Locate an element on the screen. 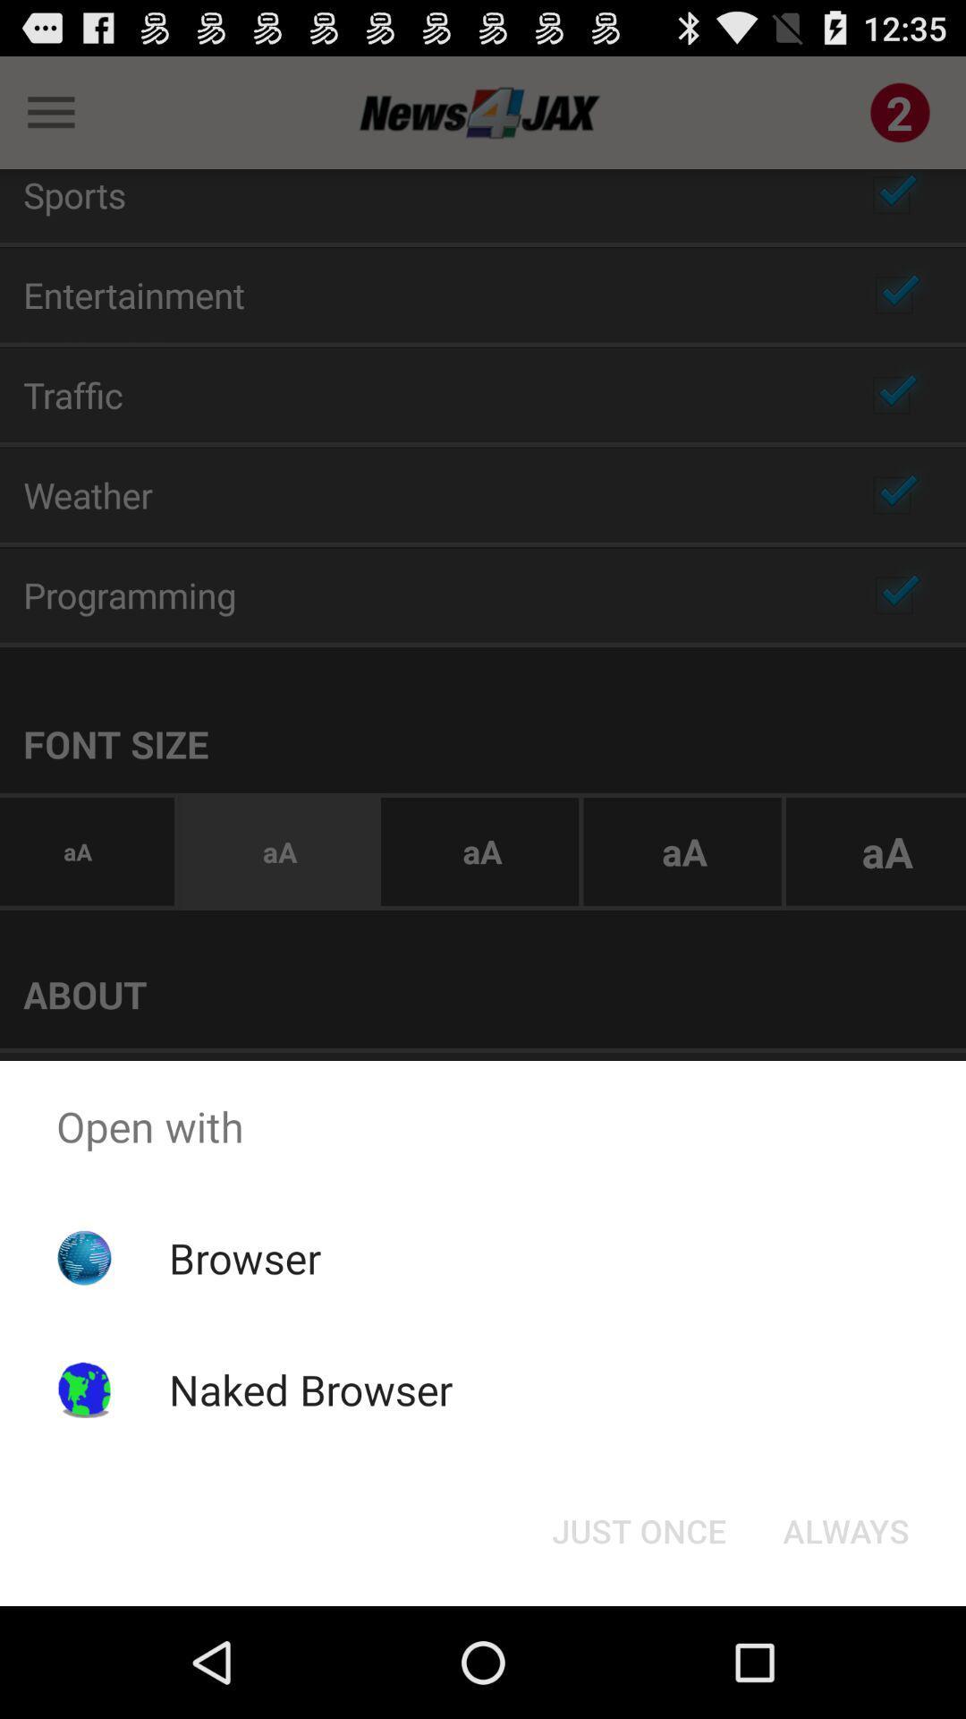 Image resolution: width=966 pixels, height=1719 pixels. the item next to just once button is located at coordinates (845, 1529).